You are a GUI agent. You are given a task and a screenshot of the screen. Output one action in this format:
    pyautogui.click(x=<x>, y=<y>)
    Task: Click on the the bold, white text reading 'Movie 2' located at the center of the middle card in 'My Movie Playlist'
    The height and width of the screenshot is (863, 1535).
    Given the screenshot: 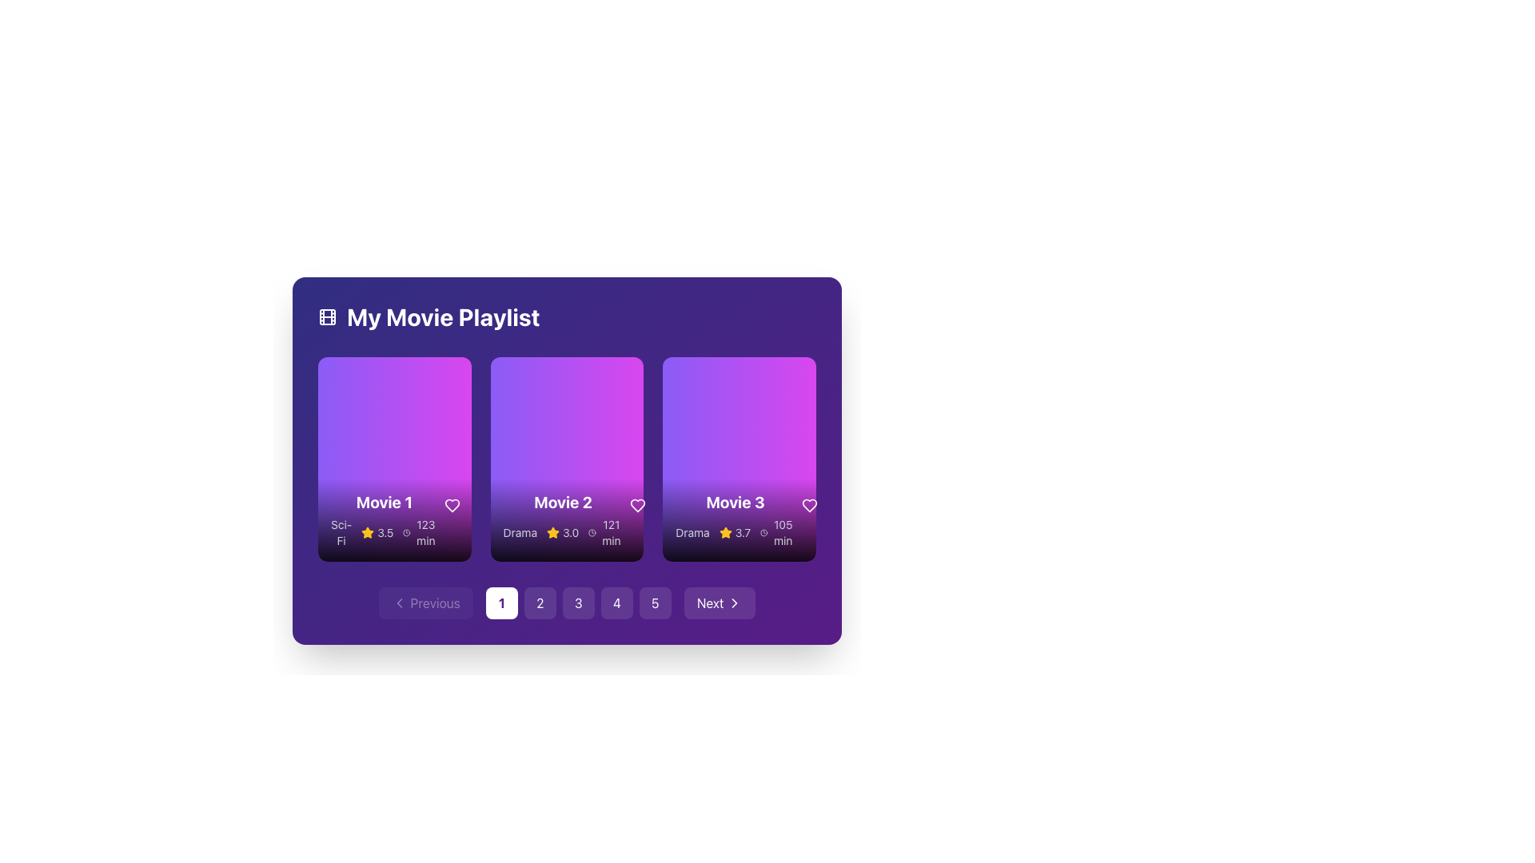 What is the action you would take?
    pyautogui.click(x=563, y=501)
    